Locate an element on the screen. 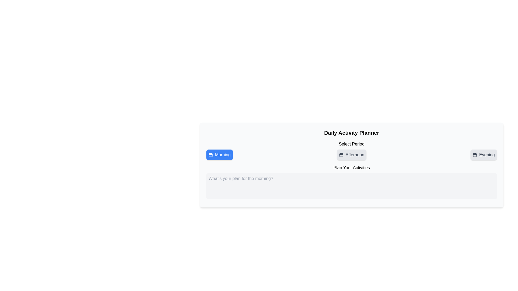  the calendar icon located to the left of the 'Evening' text, which features a minimalistic black design with a rectangular outline and two vertical lines at the top is located at coordinates (475, 155).